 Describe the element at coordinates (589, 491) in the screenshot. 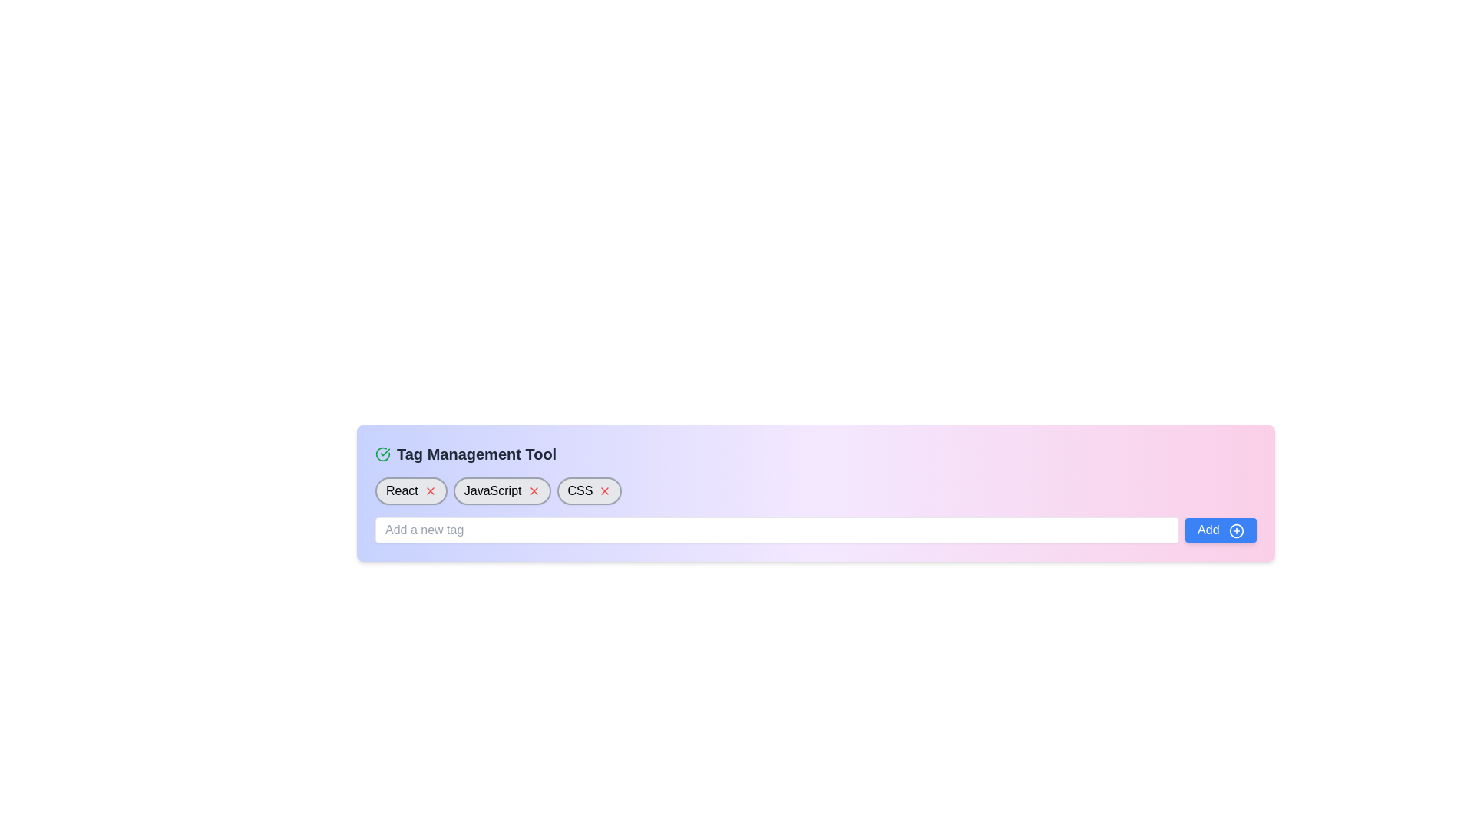

I see `the 'CSS' tag component in the Tag Management Tool` at that location.